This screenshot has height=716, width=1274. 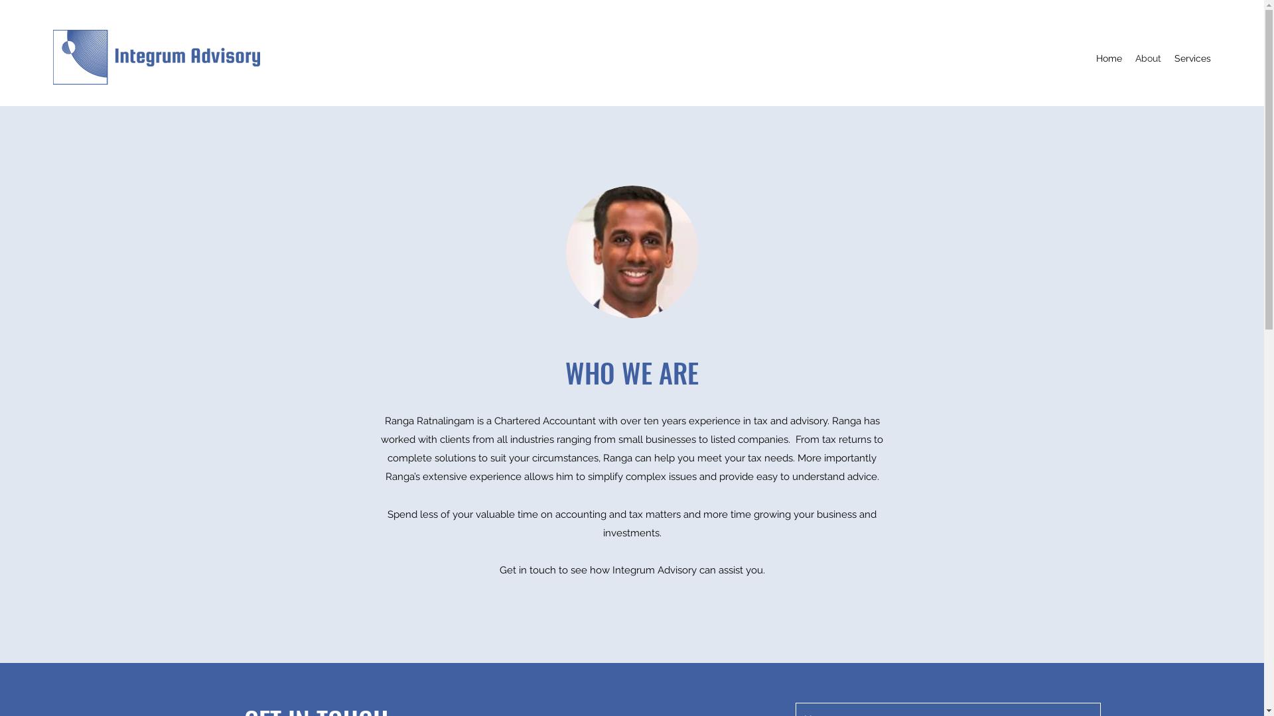 I want to click on 'Home', so click(x=1109, y=58).